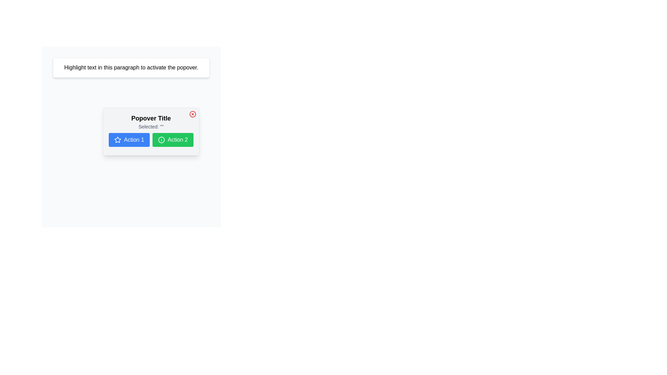 This screenshot has width=667, height=375. I want to click on the star-shaped blue icon located to the left of the 'Action 1' button text, so click(118, 140).